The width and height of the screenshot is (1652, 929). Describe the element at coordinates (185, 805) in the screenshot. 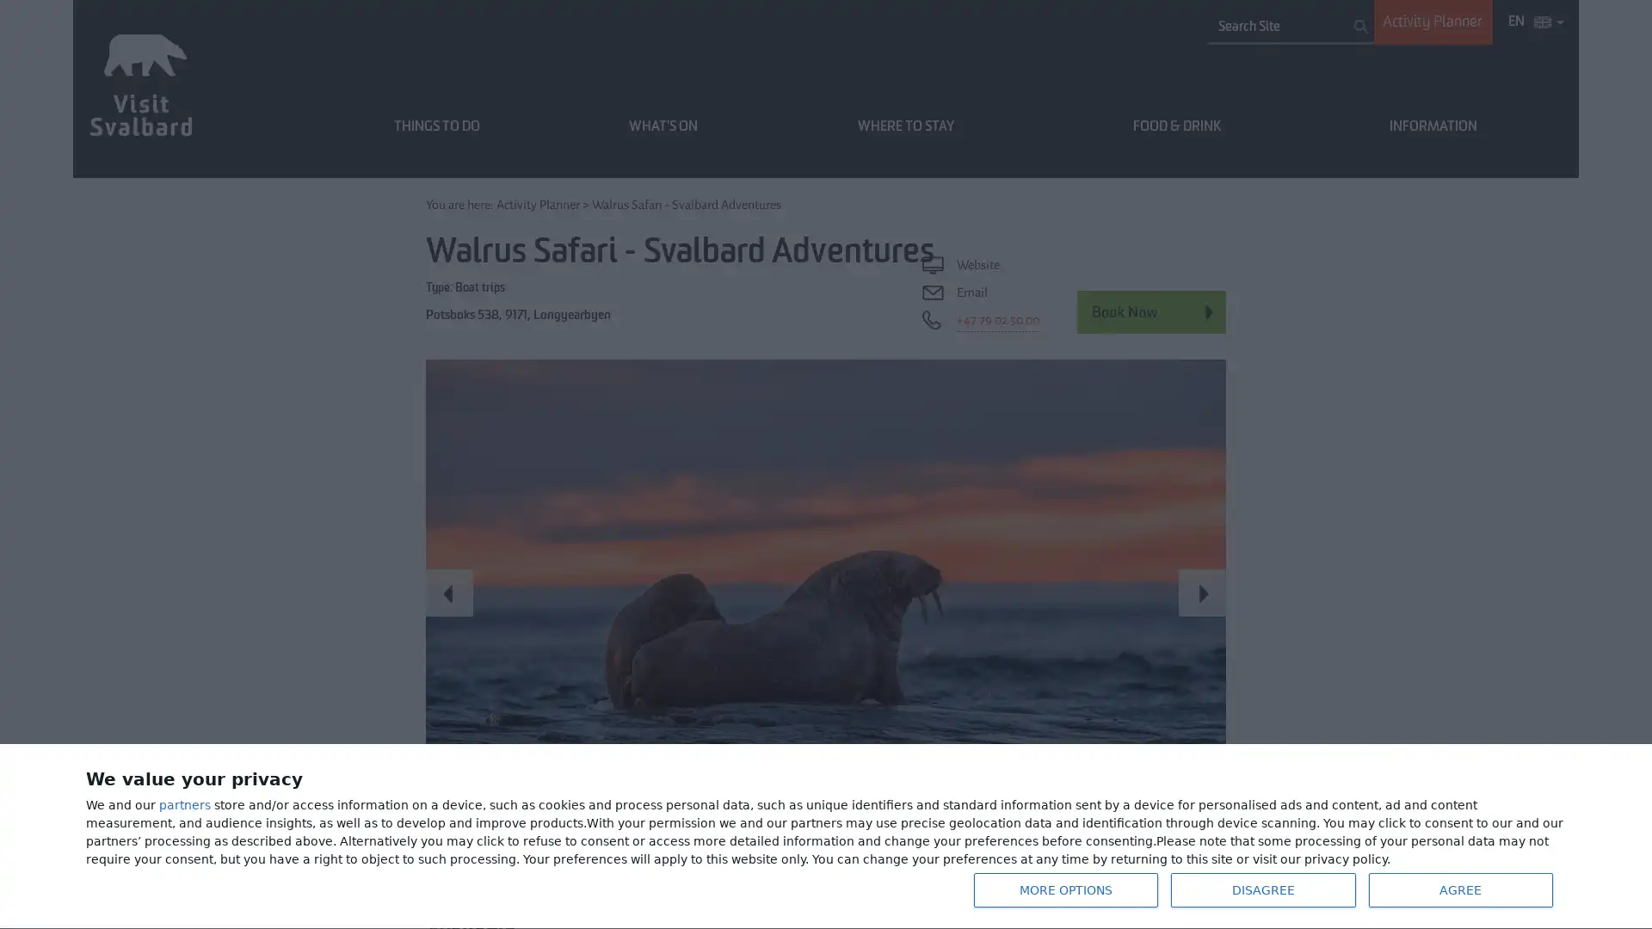

I see `partners` at that location.